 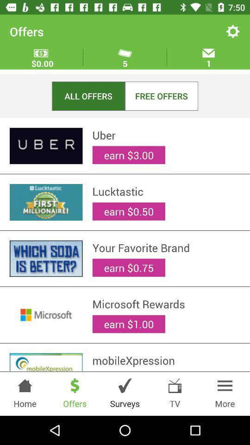 I want to click on icon below earn $3.00 item, so click(x=166, y=191).